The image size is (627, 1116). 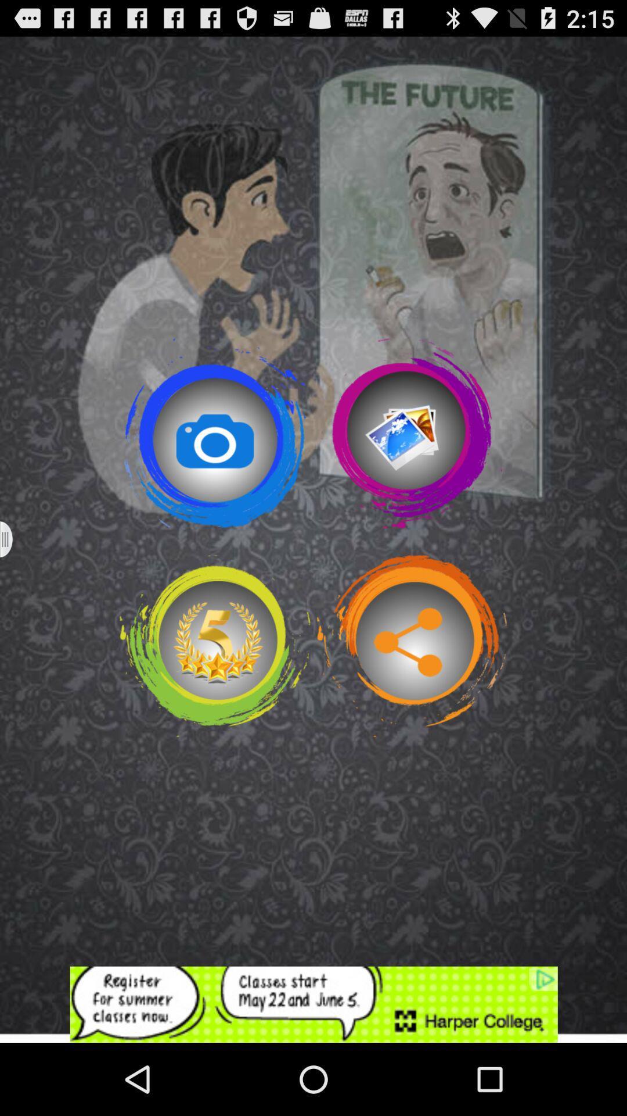 What do you see at coordinates (215, 432) in the screenshot?
I see `click the camera` at bounding box center [215, 432].